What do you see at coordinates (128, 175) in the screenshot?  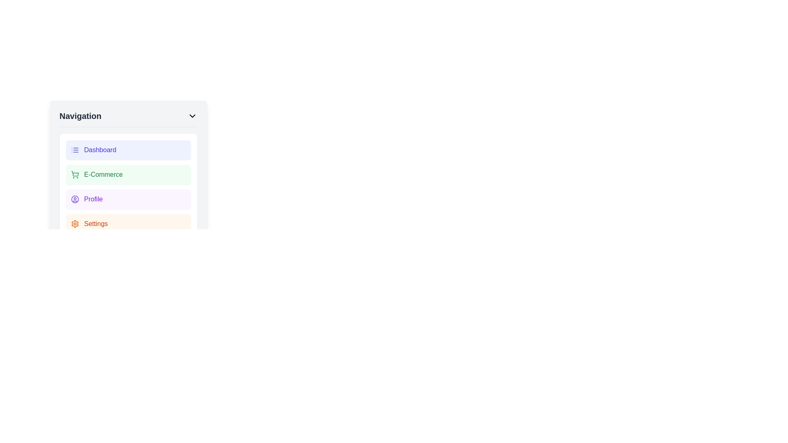 I see `the green rectangular 'E-Commerce' navigation button located below the 'Dashboard' button and above the 'Profile' button` at bounding box center [128, 175].